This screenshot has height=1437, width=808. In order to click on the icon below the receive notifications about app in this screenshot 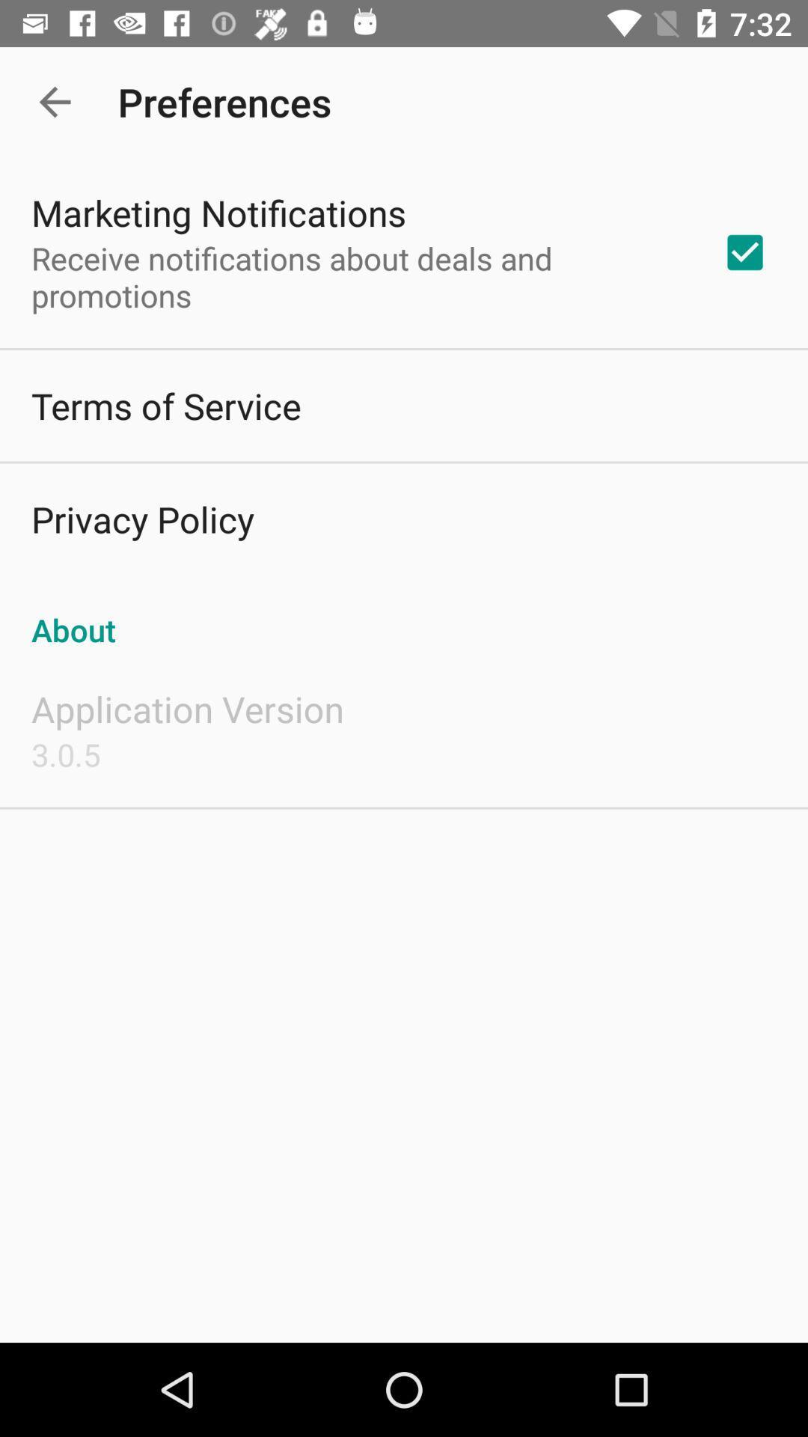, I will do `click(166, 406)`.